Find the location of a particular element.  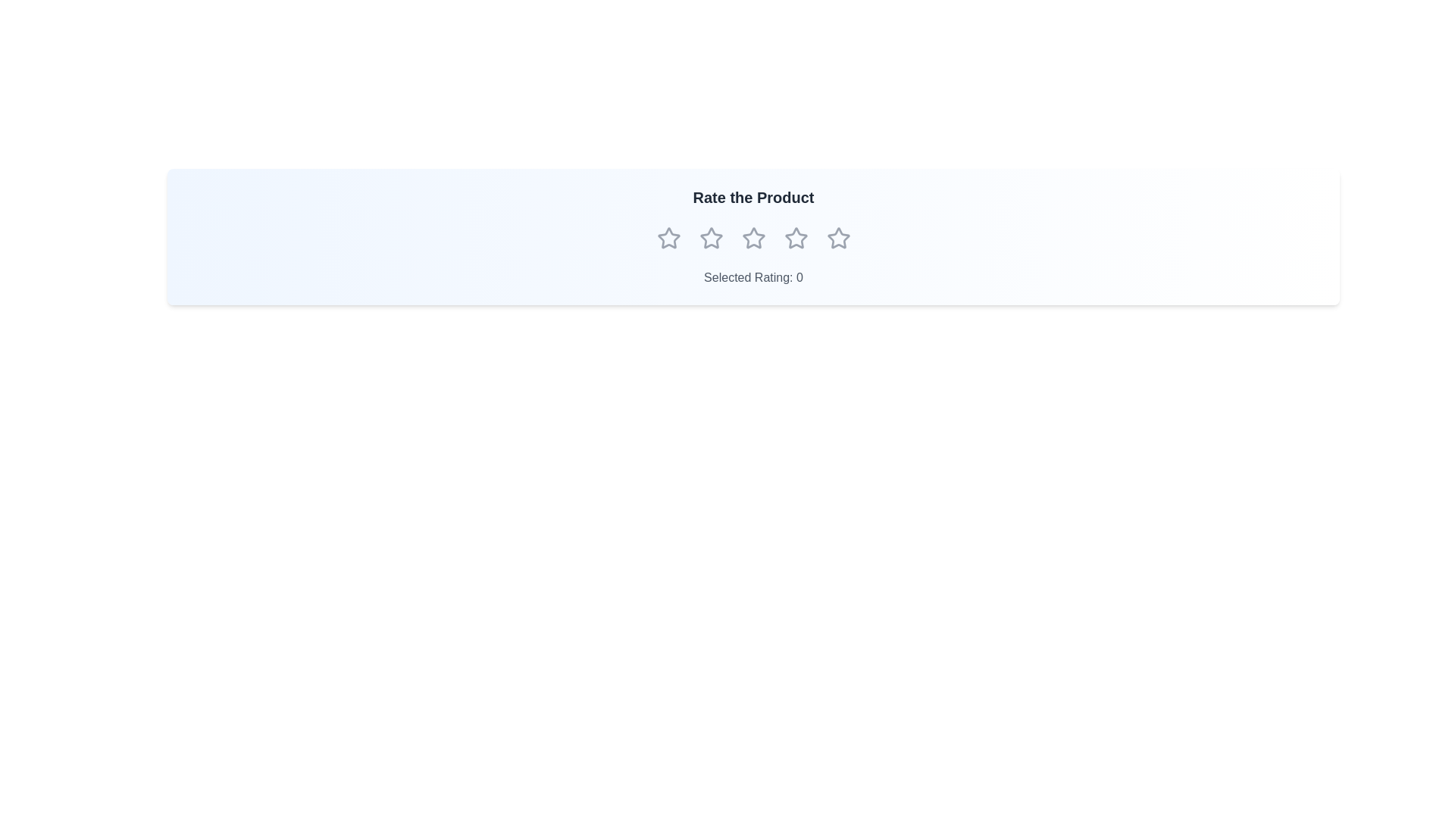

the third rating star button is located at coordinates (753, 239).